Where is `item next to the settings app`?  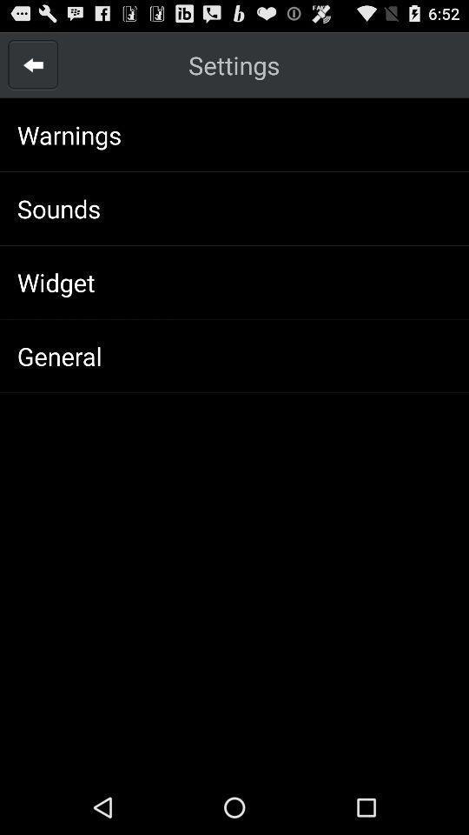
item next to the settings app is located at coordinates (33, 64).